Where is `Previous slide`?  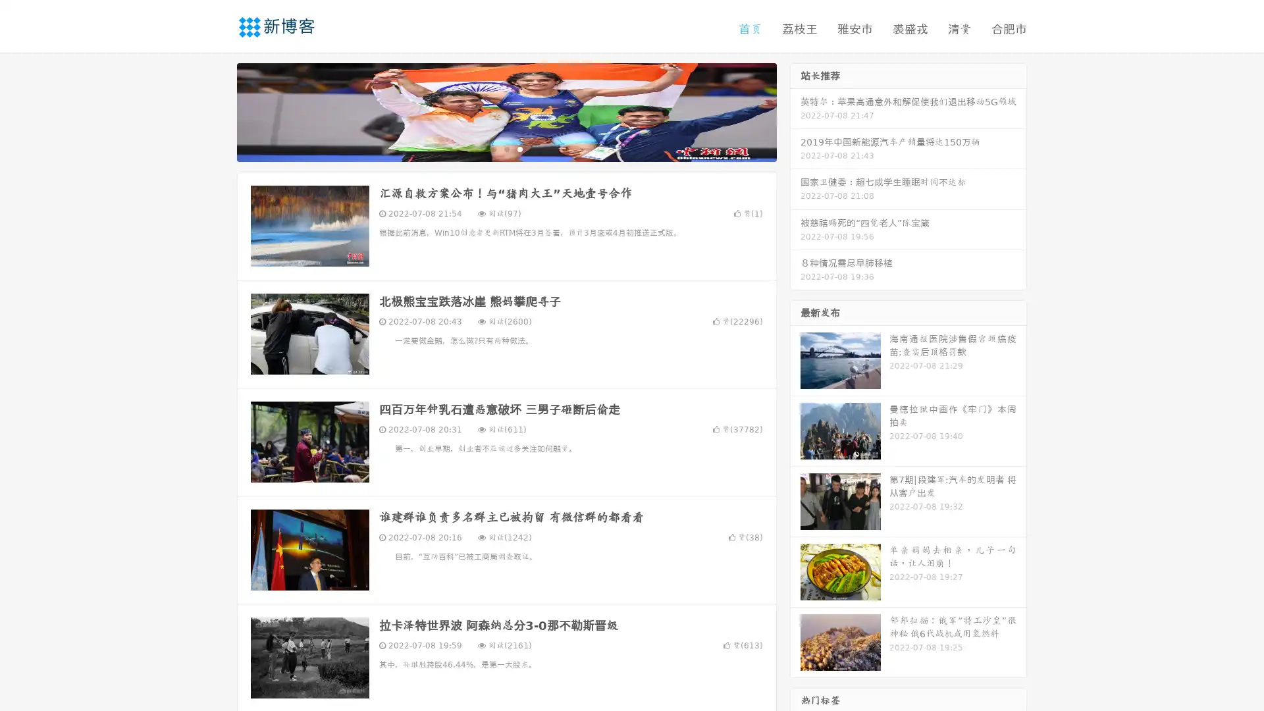 Previous slide is located at coordinates (217, 111).